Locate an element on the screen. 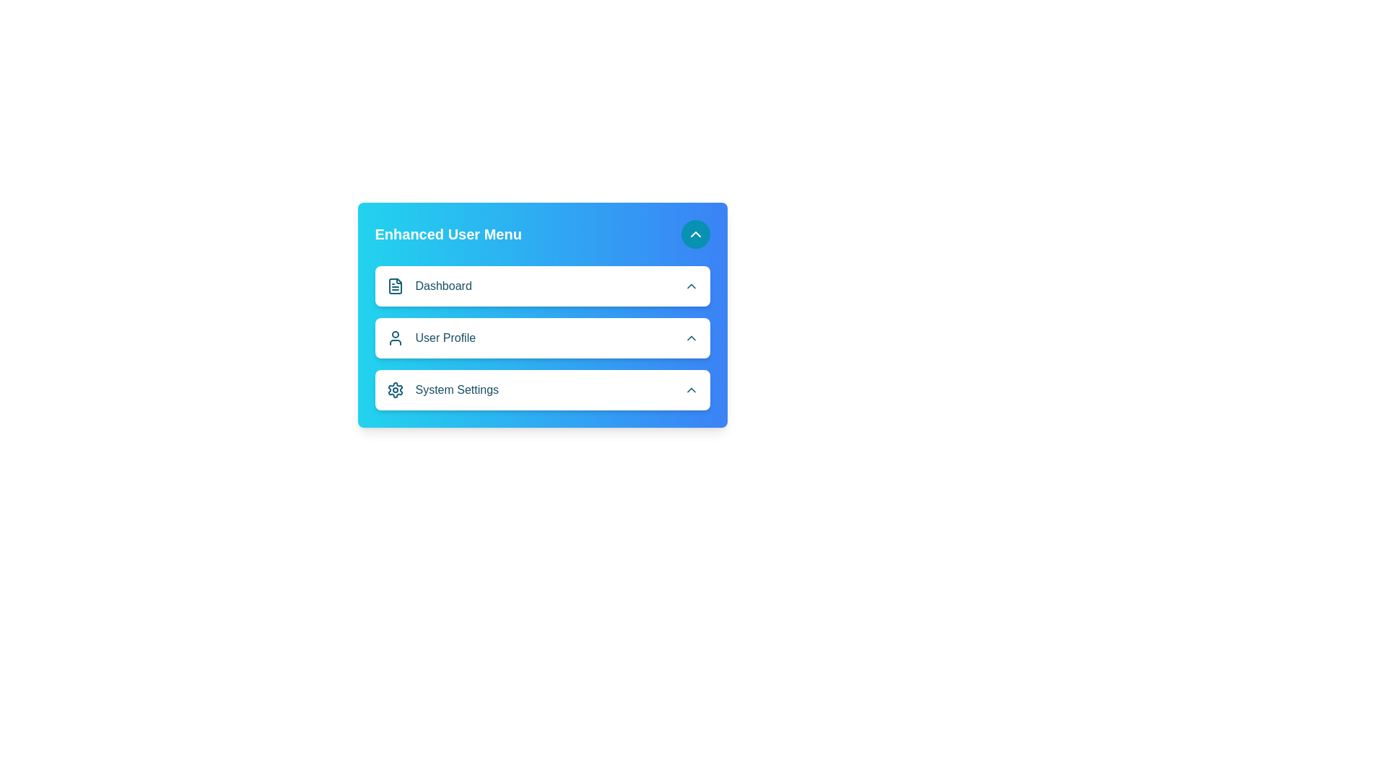 This screenshot has width=1386, height=779. the 'User Profile' text label in the menu, which is the second item in a vertical list, located between 'Dashboard' and 'System Settings' is located at coordinates (430, 338).